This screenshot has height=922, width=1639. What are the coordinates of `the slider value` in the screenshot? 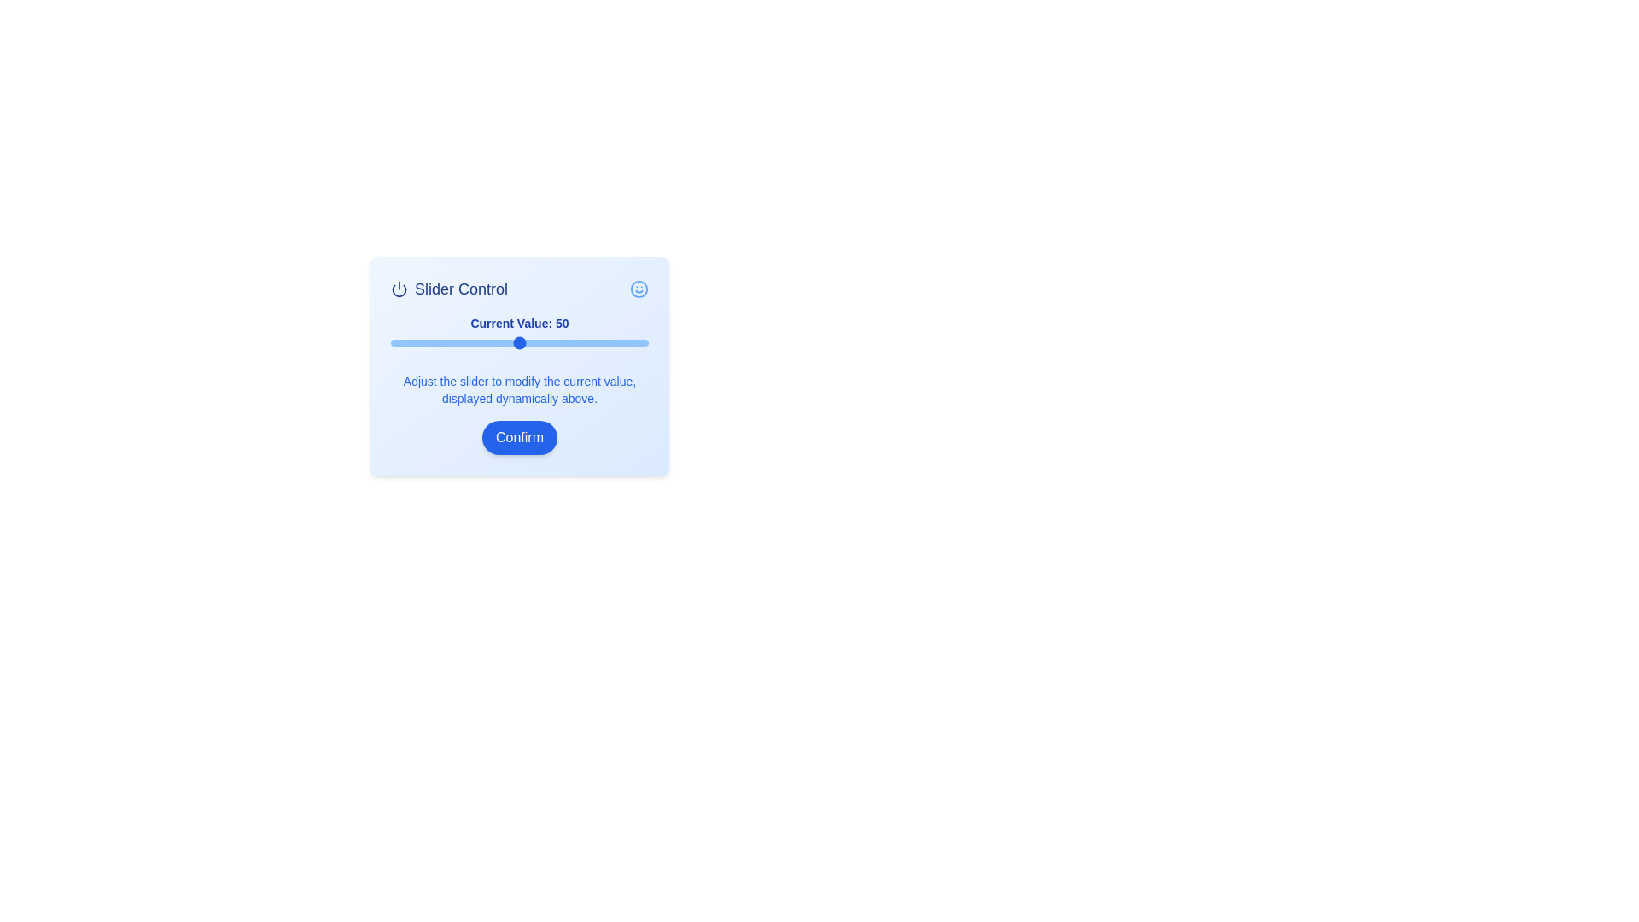 It's located at (639, 342).